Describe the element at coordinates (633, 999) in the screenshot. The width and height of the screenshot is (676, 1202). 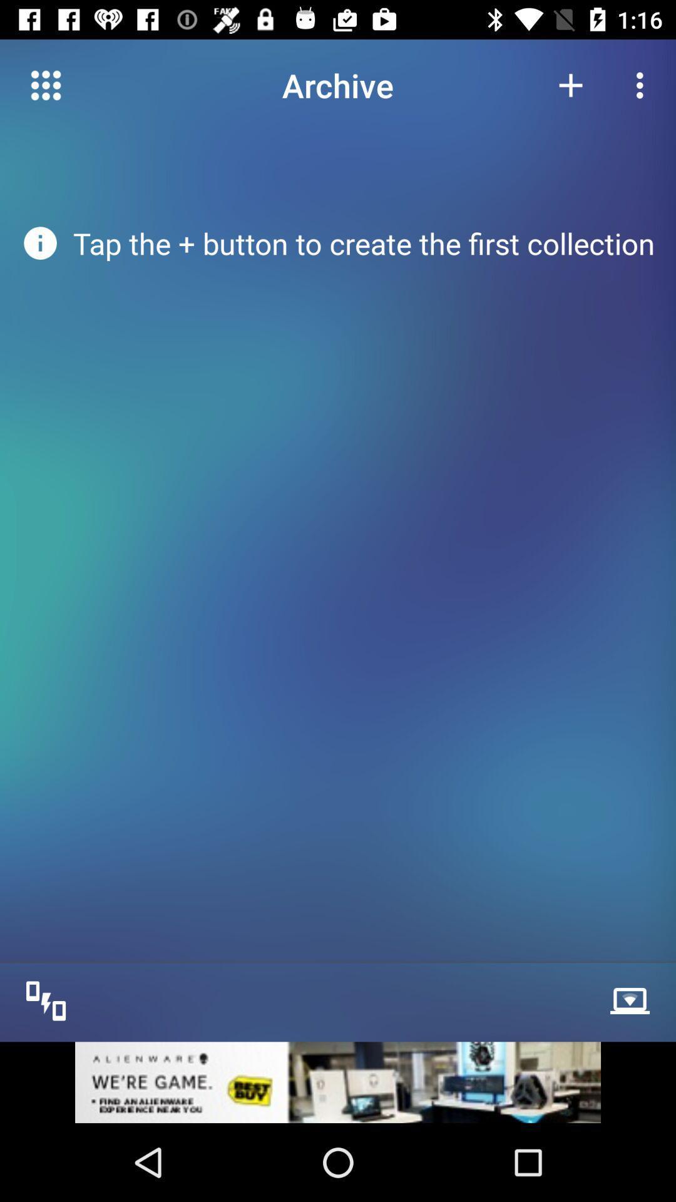
I see `the network_wifi icon` at that location.